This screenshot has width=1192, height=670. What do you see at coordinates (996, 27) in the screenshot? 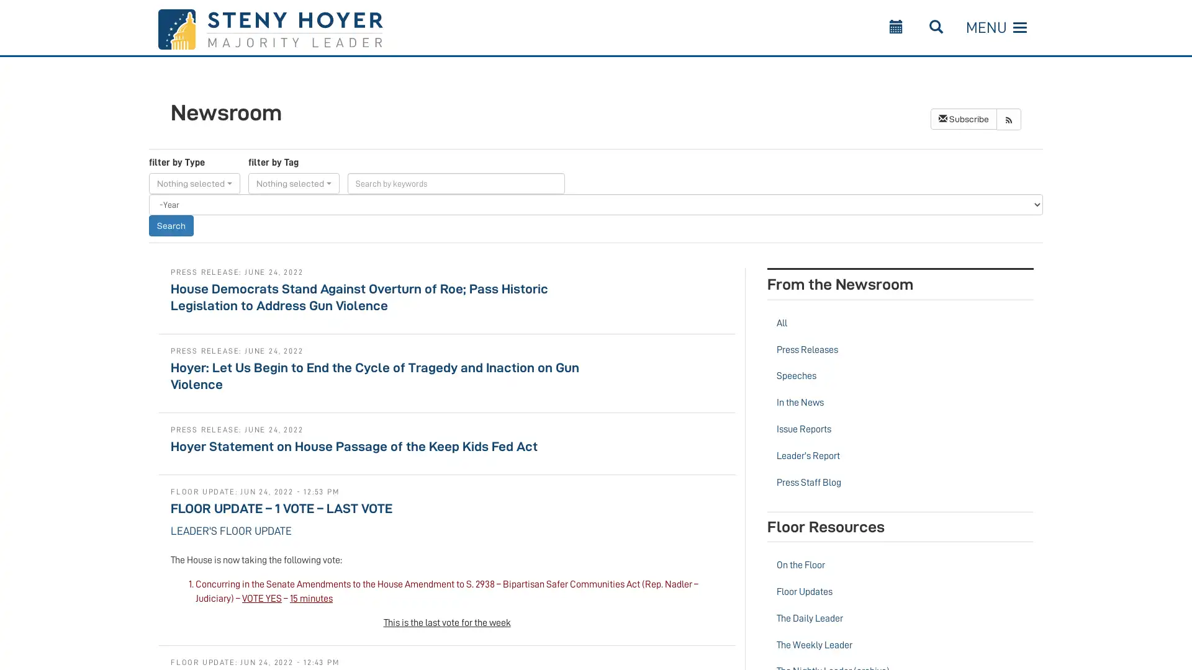
I see `MENU` at bounding box center [996, 27].